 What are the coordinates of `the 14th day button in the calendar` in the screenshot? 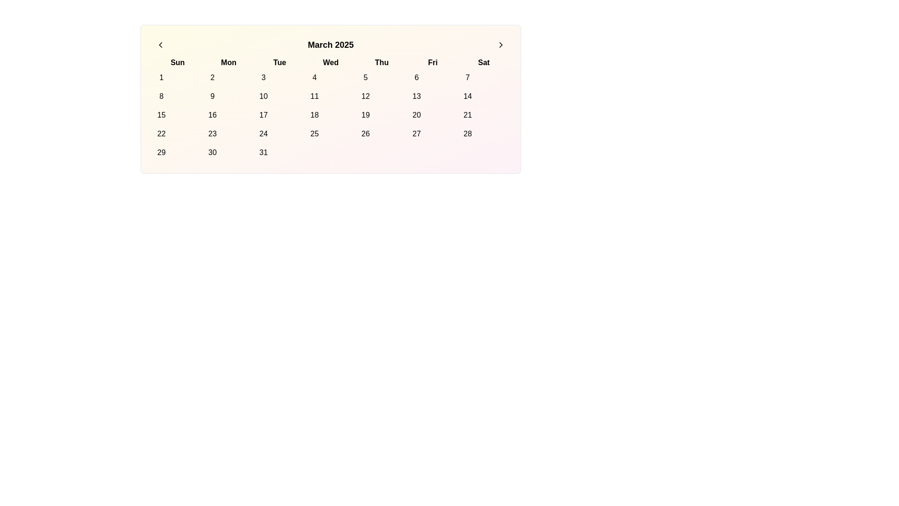 It's located at (467, 96).